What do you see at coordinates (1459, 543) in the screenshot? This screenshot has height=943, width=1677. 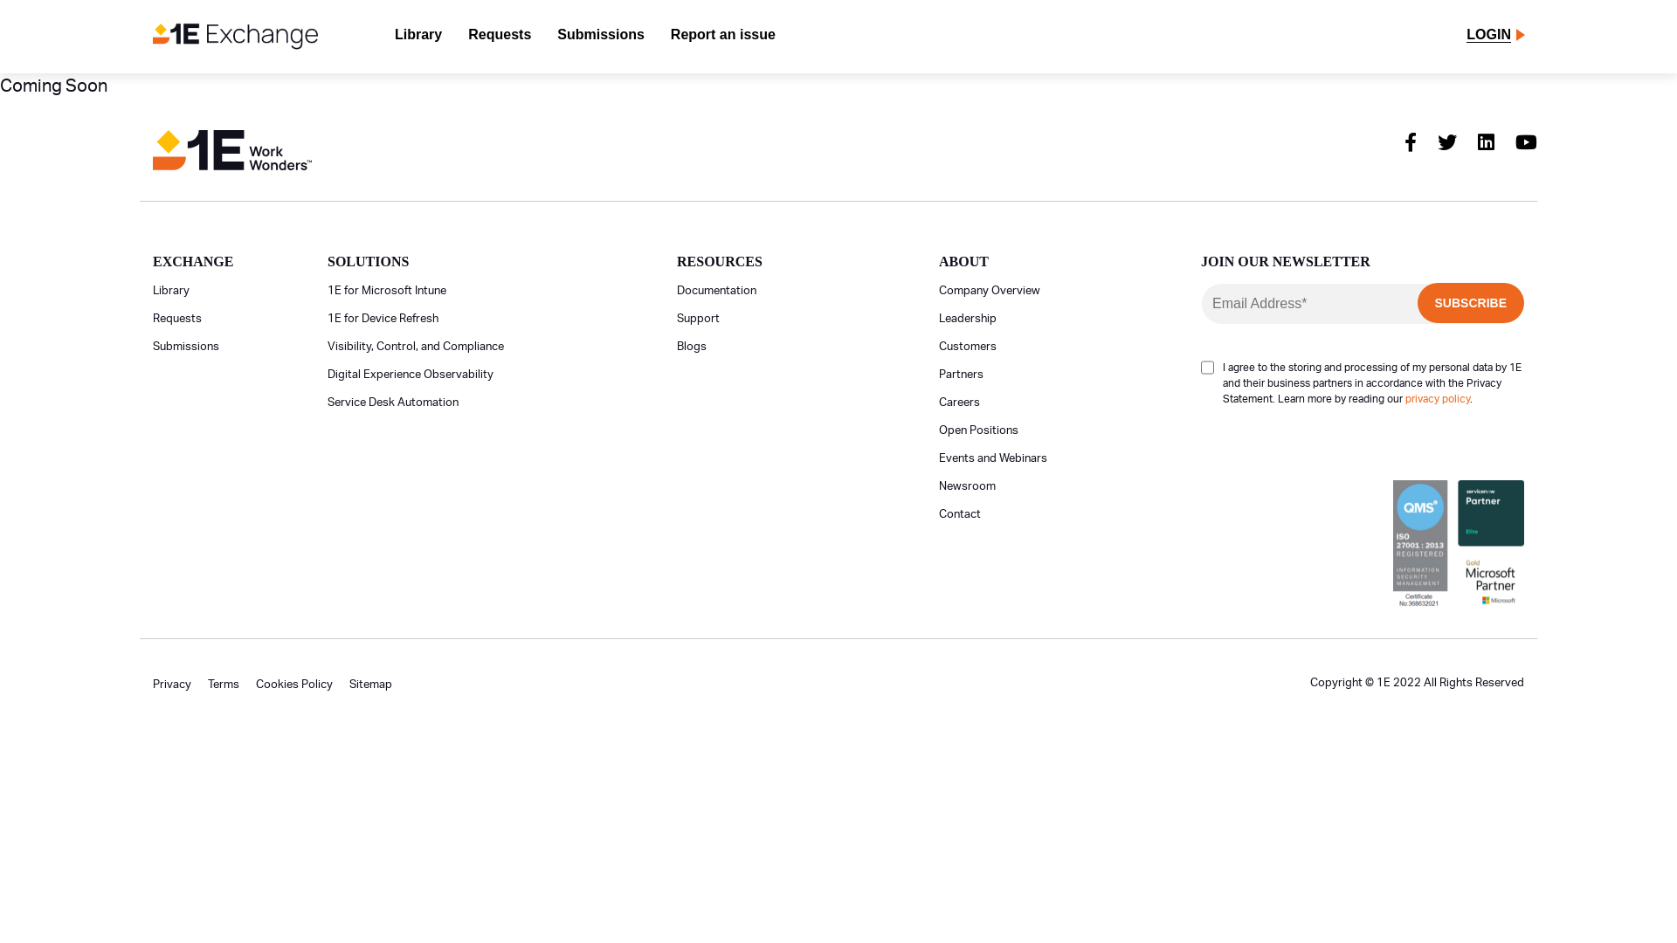 I see `'footer-seals'` at bounding box center [1459, 543].